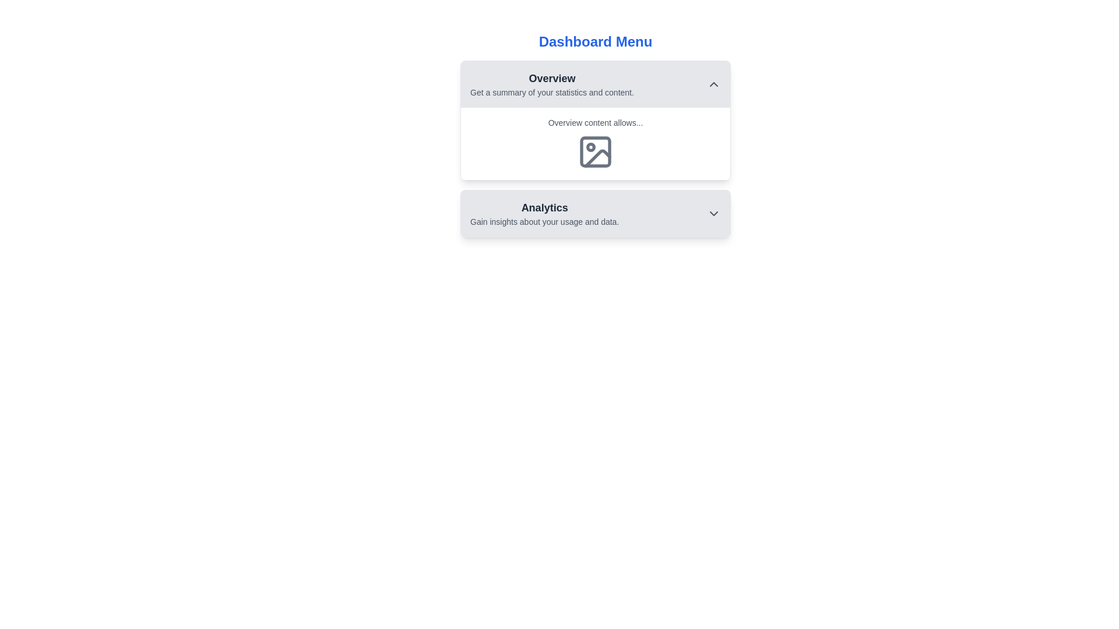  I want to click on text from the Collapsible section header that provides an overview of statistical data and content summaries, which toggles visibility for additional content below it, so click(596, 84).